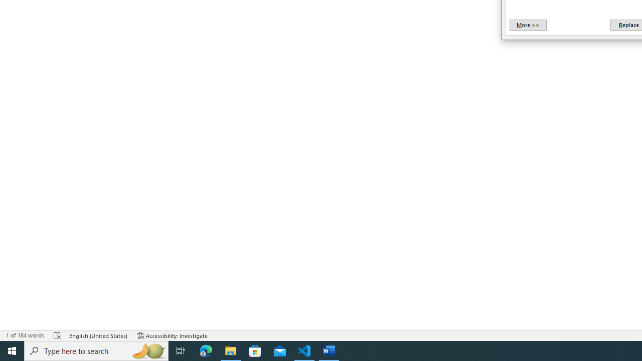  I want to click on 'Type here to search', so click(96, 350).